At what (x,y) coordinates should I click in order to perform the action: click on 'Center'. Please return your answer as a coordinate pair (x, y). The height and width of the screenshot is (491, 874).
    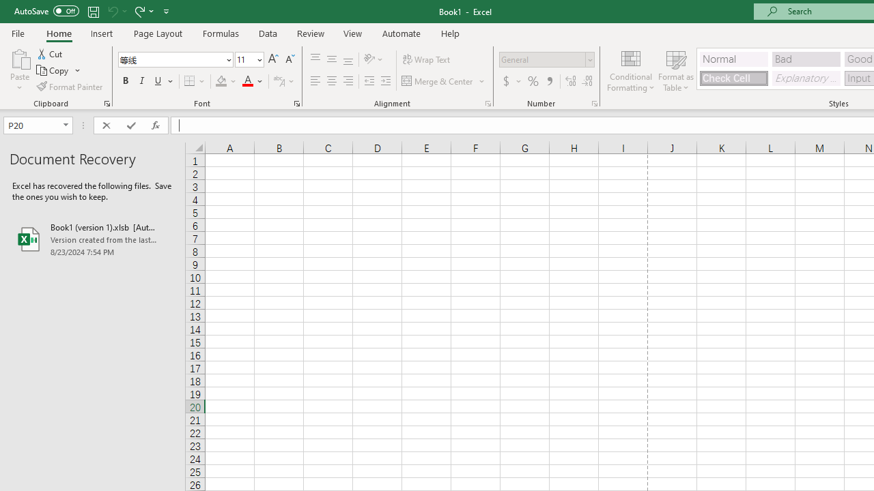
    Looking at the image, I should click on (331, 81).